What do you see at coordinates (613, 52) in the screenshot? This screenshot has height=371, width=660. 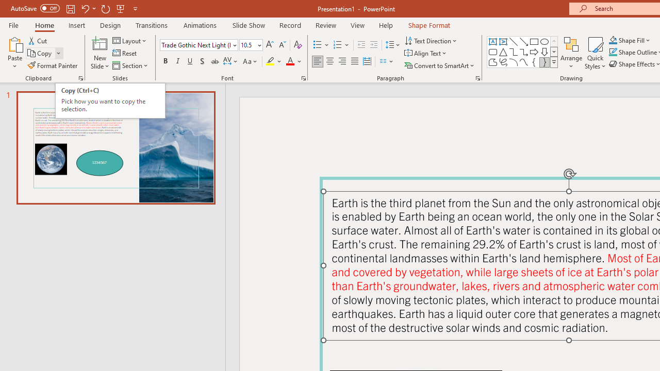 I see `'Shape Outline Teal, Accent 1'` at bounding box center [613, 52].